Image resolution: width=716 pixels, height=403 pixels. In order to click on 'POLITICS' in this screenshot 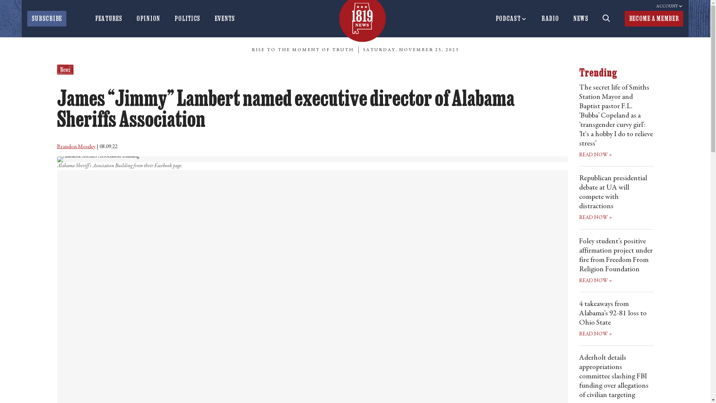, I will do `click(174, 18)`.